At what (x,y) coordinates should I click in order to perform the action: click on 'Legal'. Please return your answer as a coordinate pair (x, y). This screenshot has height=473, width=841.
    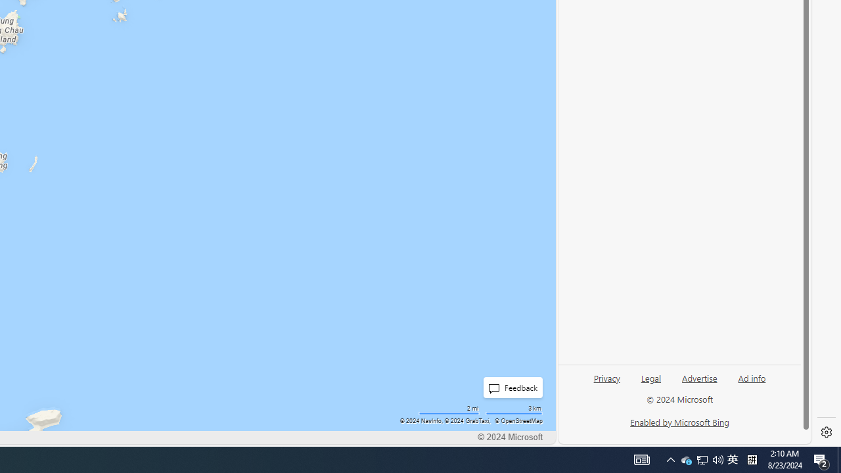
    Looking at the image, I should click on (650, 383).